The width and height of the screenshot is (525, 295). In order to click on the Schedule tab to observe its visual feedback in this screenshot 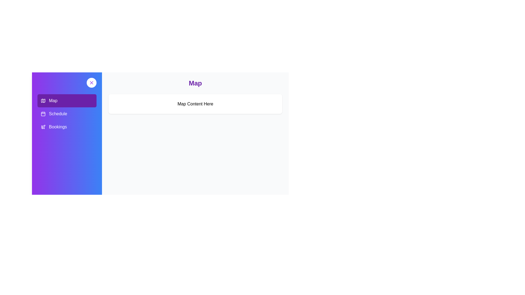, I will do `click(66, 113)`.